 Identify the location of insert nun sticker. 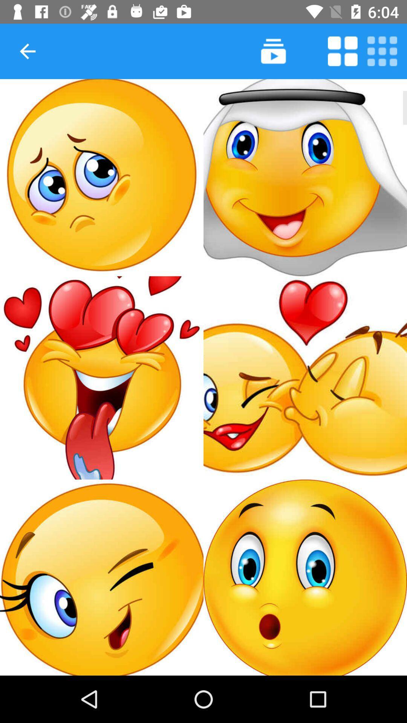
(305, 177).